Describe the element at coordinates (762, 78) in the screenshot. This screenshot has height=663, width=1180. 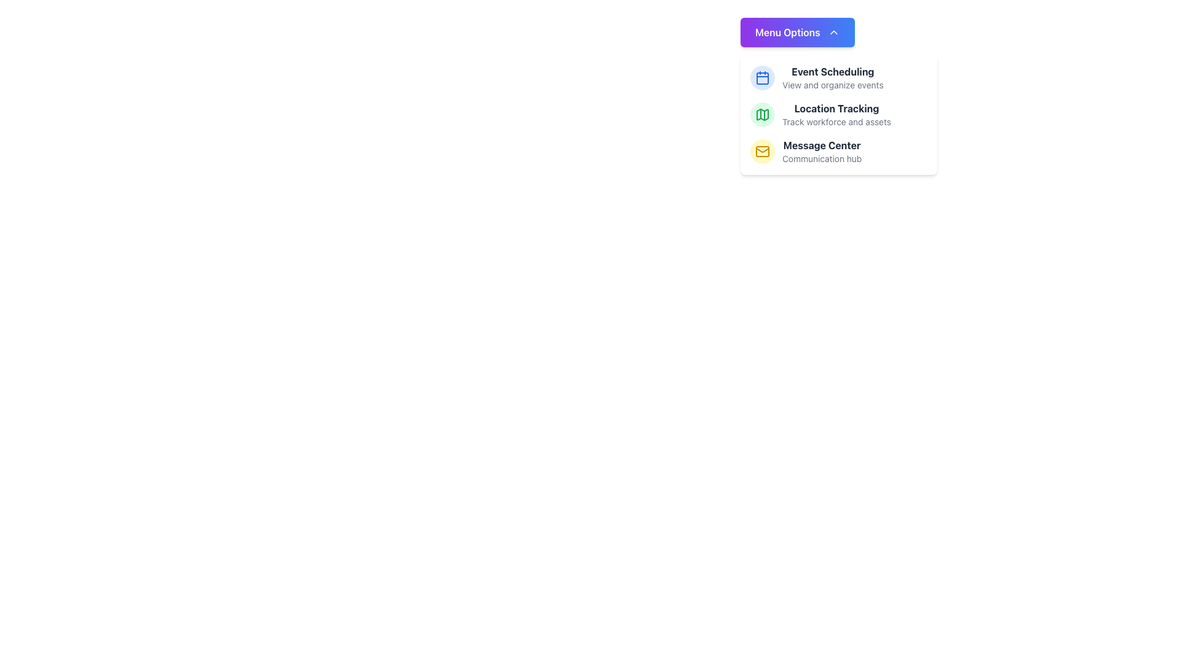
I see `the 'Event Scheduling' icon with a circular background` at that location.